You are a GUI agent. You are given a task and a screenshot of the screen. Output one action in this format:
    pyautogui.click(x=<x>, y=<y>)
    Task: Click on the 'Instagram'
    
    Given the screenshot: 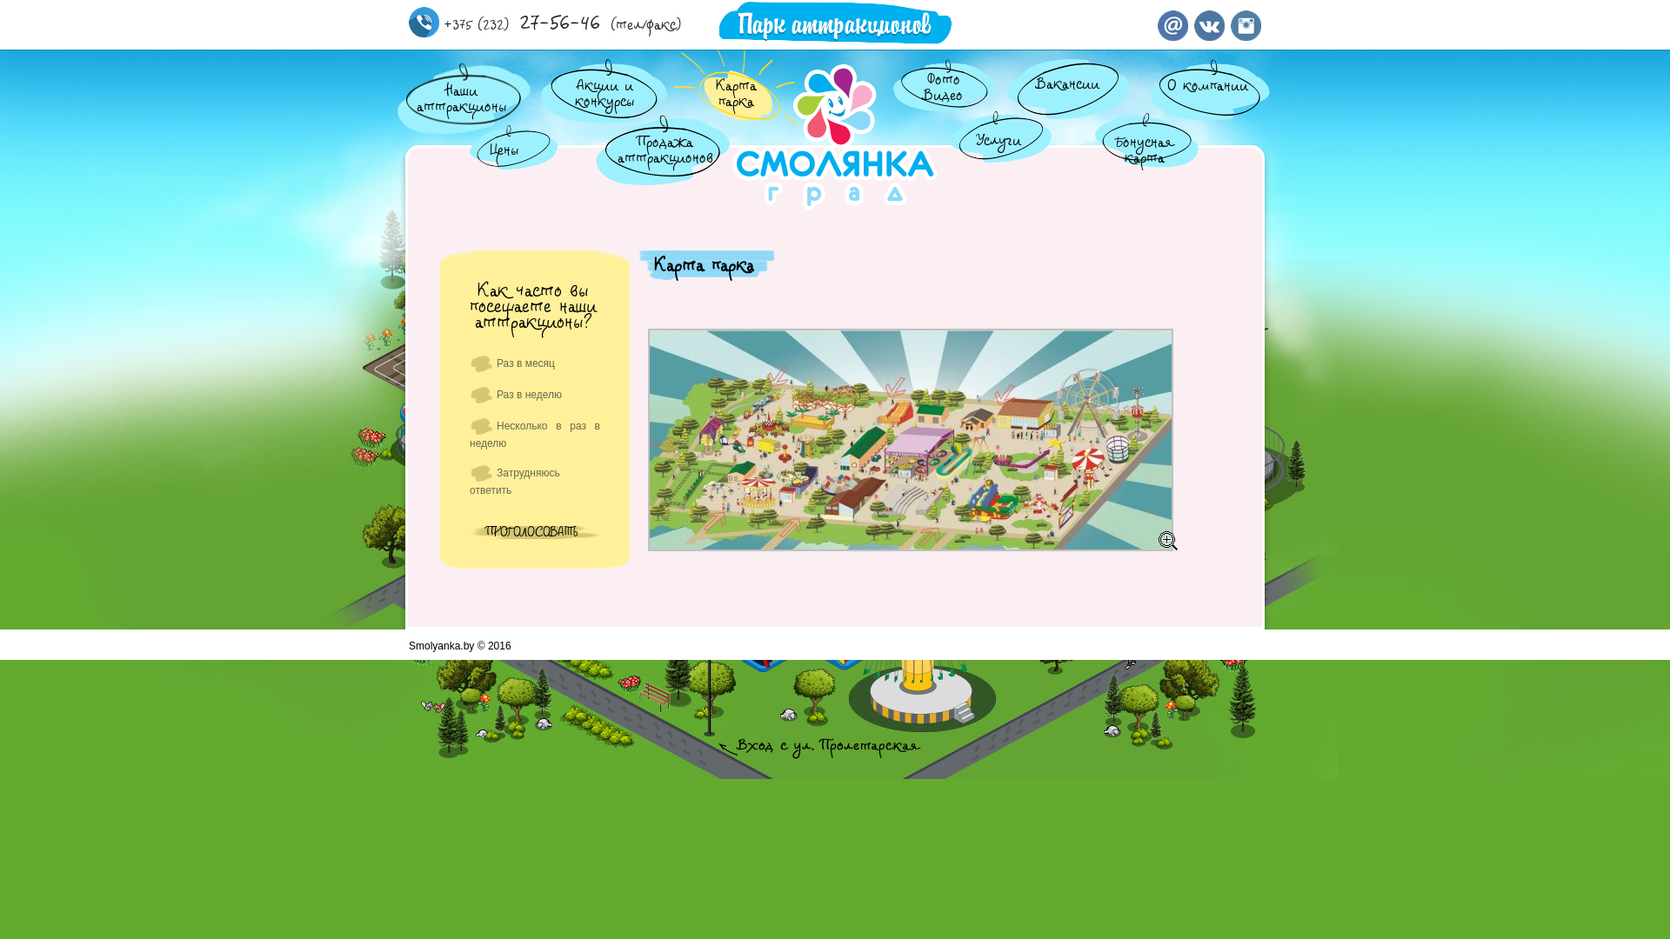 What is the action you would take?
    pyautogui.click(x=1245, y=37)
    